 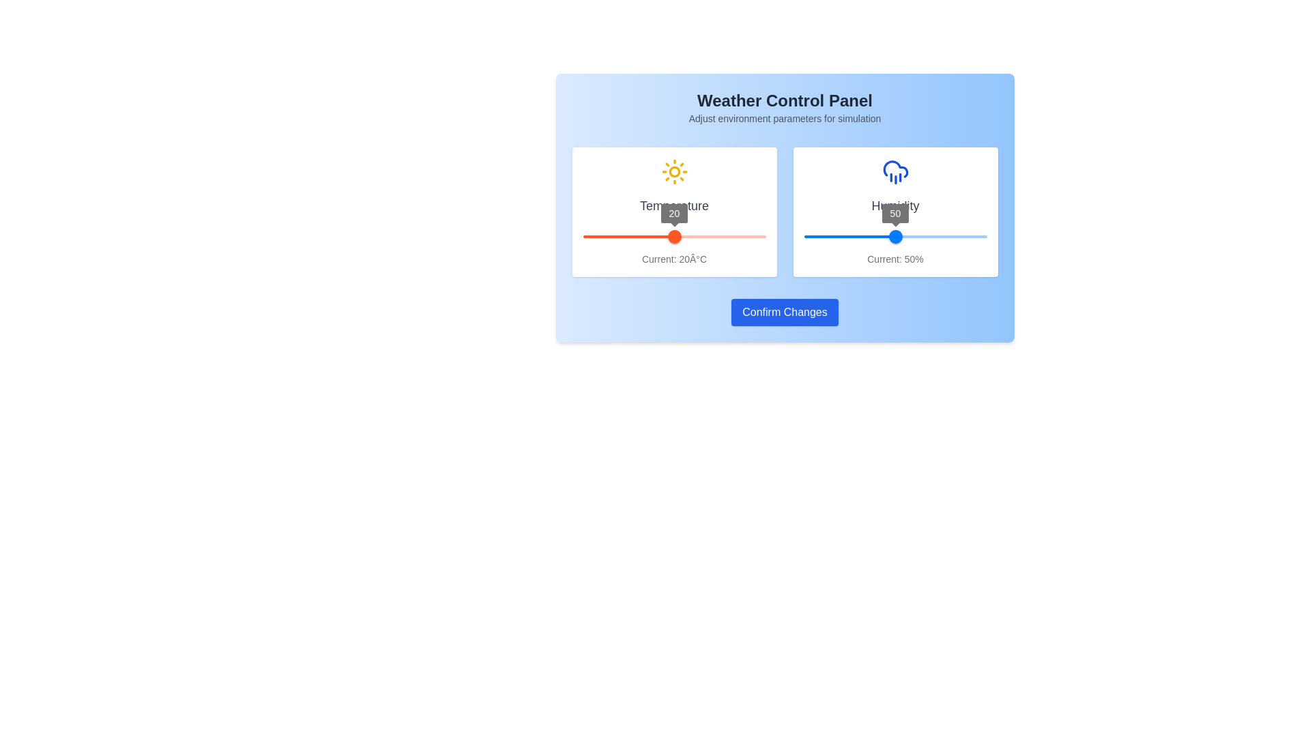 What do you see at coordinates (785, 313) in the screenshot?
I see `the 'Confirm Changes' button located at the bottom-center of the 'Weather Control Panel' to confirm changes` at bounding box center [785, 313].